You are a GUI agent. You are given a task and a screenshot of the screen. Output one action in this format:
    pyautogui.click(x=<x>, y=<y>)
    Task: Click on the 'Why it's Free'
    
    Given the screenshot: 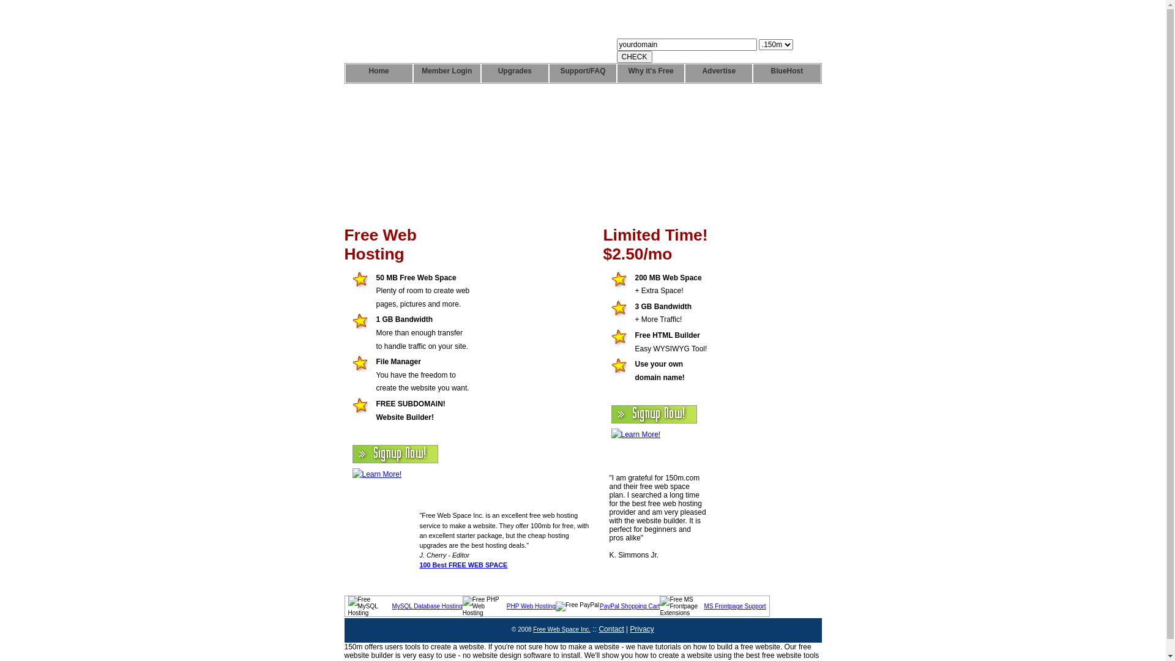 What is the action you would take?
    pyautogui.click(x=650, y=73)
    